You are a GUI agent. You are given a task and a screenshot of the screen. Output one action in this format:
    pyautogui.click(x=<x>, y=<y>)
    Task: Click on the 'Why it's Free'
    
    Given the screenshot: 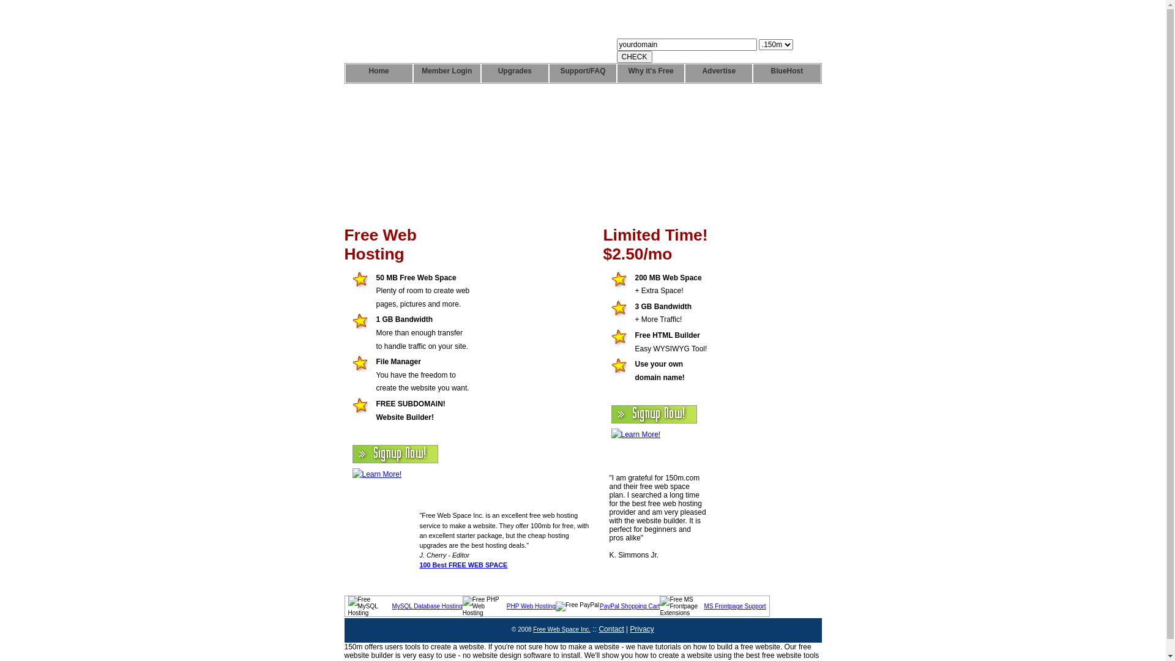 What is the action you would take?
    pyautogui.click(x=650, y=73)
    